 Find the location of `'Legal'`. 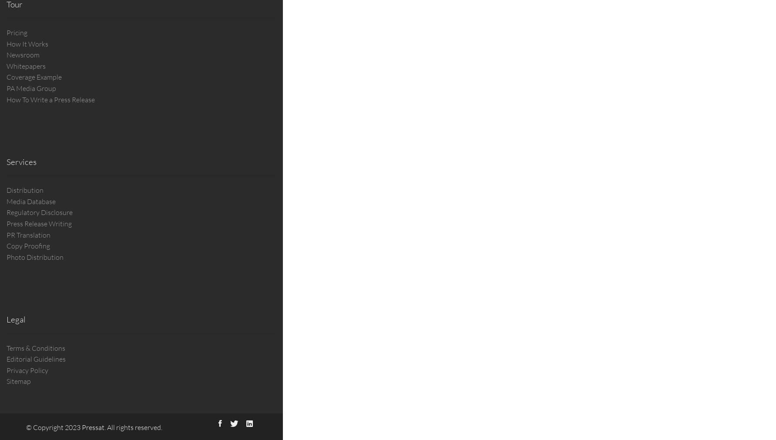

'Legal' is located at coordinates (16, 319).